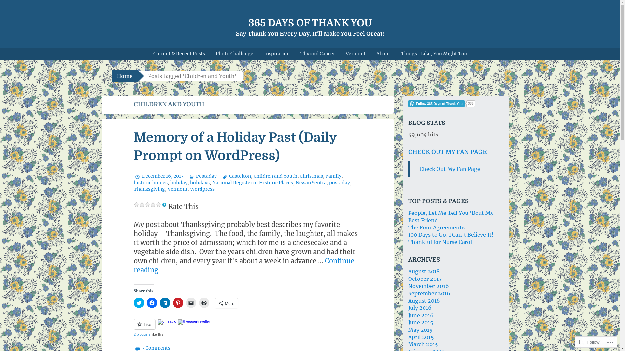  I want to click on 'September 2016', so click(429, 293).